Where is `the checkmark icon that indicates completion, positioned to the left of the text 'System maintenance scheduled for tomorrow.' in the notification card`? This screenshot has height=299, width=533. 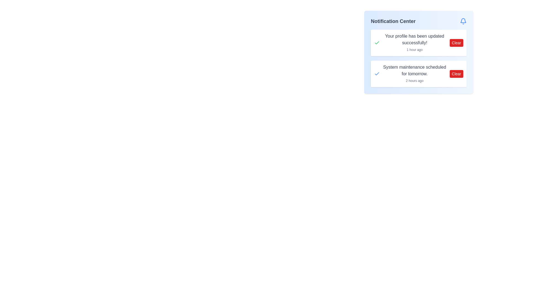
the checkmark icon that indicates completion, positioned to the left of the text 'System maintenance scheduled for tomorrow.' in the notification card is located at coordinates (377, 73).